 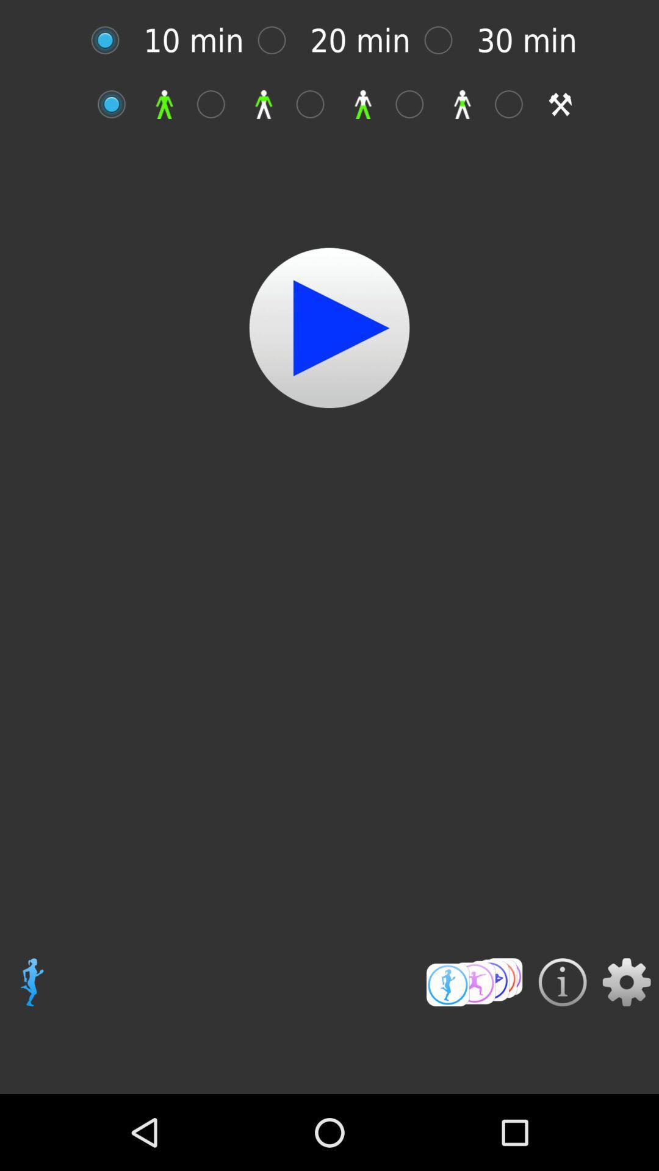 What do you see at coordinates (217, 104) in the screenshot?
I see `upper body workout` at bounding box center [217, 104].